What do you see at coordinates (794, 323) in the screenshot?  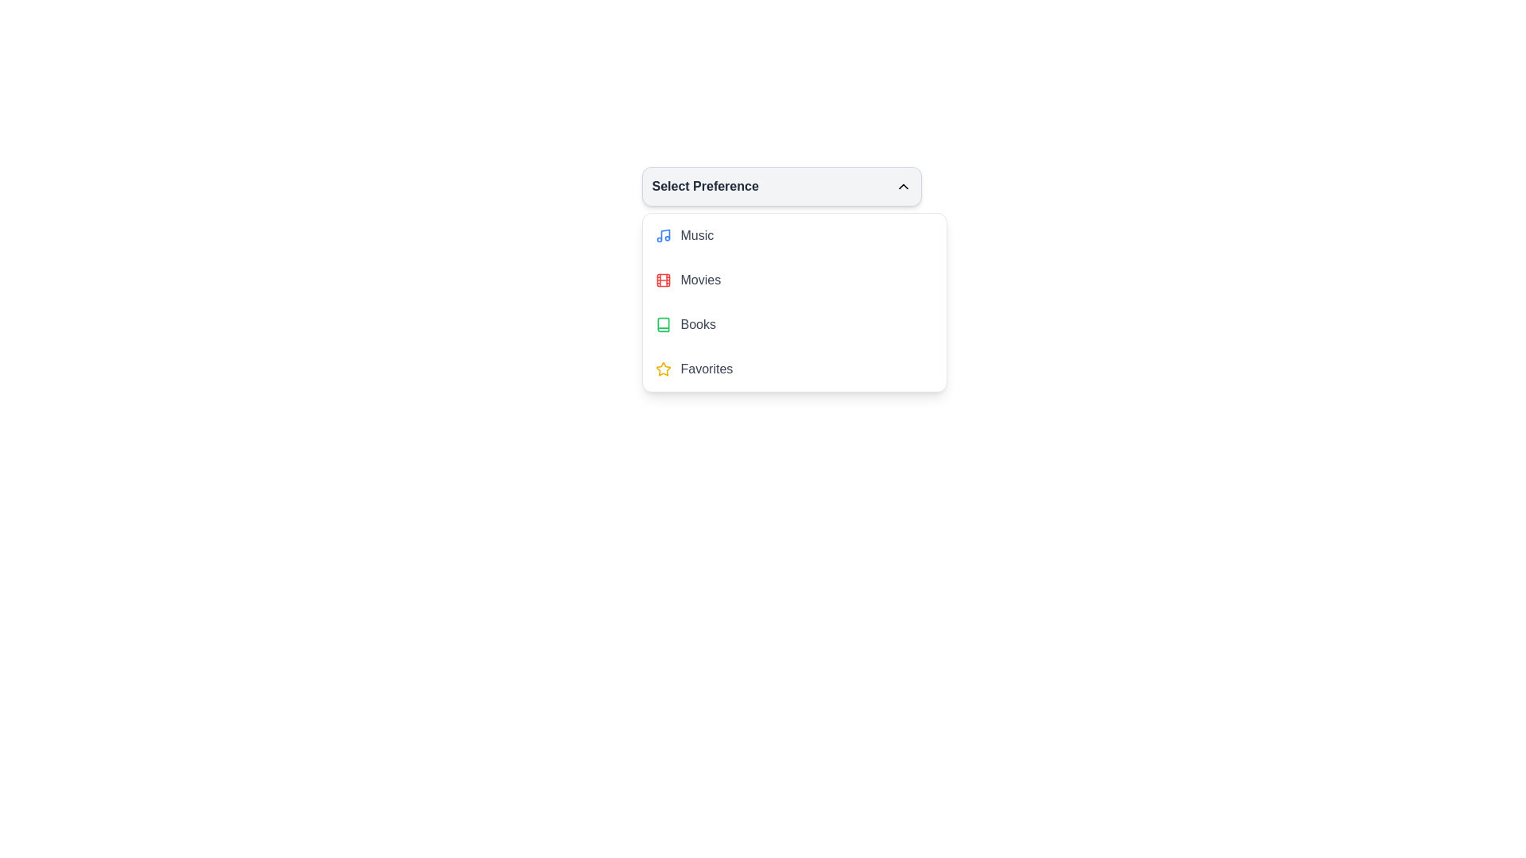 I see `to select the 'Books' category from the dropdown list under 'Select Preference', which is the third item below the 'Movies' option` at bounding box center [794, 323].